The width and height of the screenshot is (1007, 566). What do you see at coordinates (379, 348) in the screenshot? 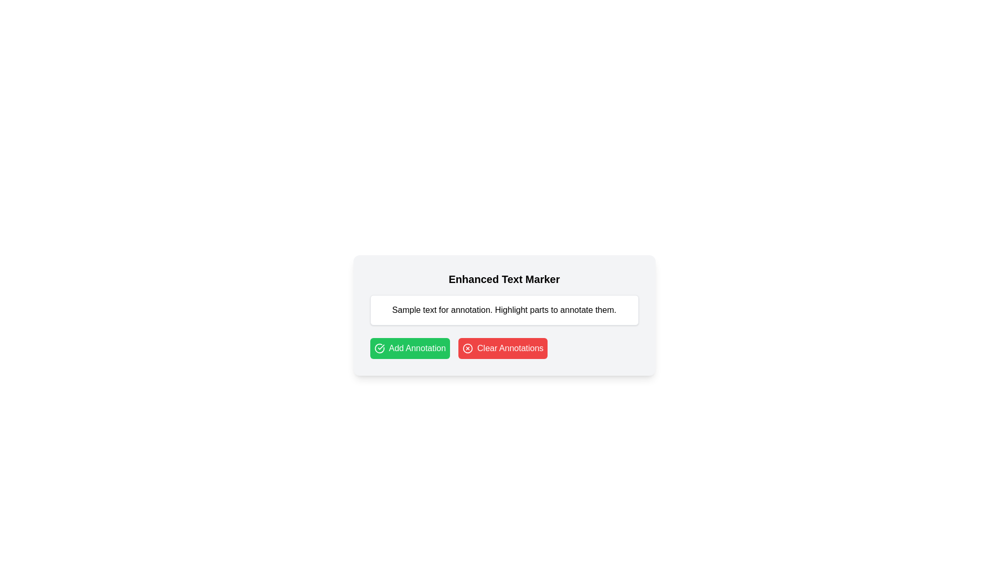
I see `the SVG icon representing a confirmation checkmark within the 'Add Annotation' button located at the bottom left of the main interface` at bounding box center [379, 348].